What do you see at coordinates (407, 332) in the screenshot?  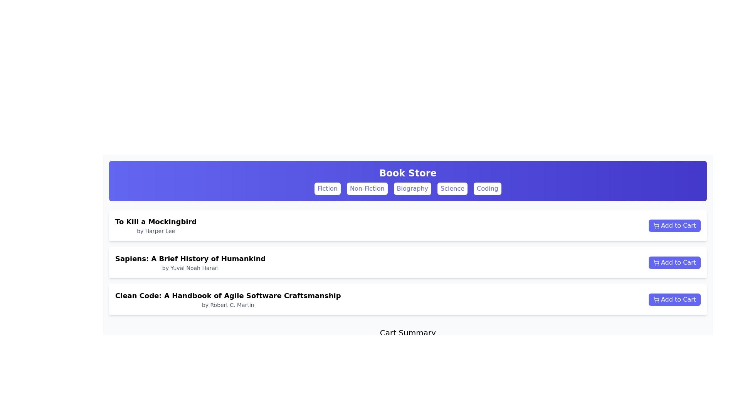 I see `the section header text label that marks the beginning of the cart summary section, which is located at the bottom of the book items list` at bounding box center [407, 332].